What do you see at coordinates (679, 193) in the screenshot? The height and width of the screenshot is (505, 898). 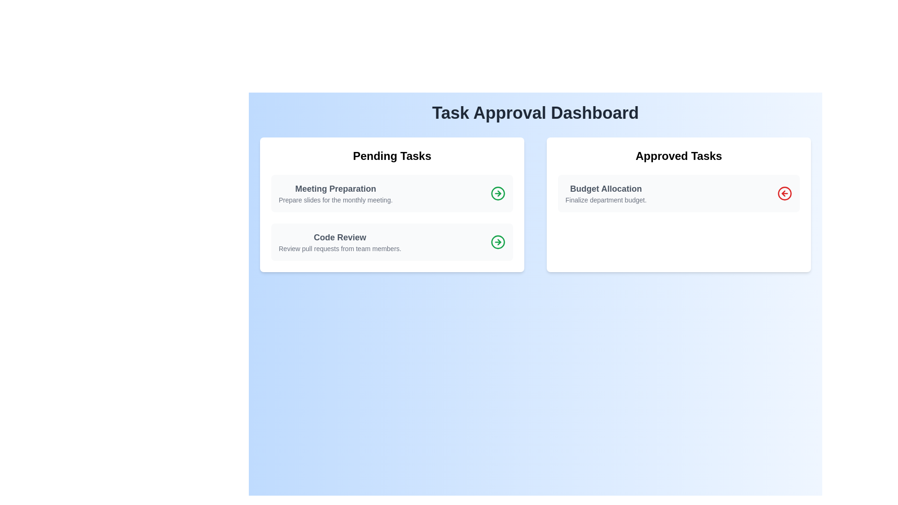 I see `the Task card titled 'Budget Allocation' in the 'Approved Tasks' section, which features a red circular icon with an arrow pointing left` at bounding box center [679, 193].